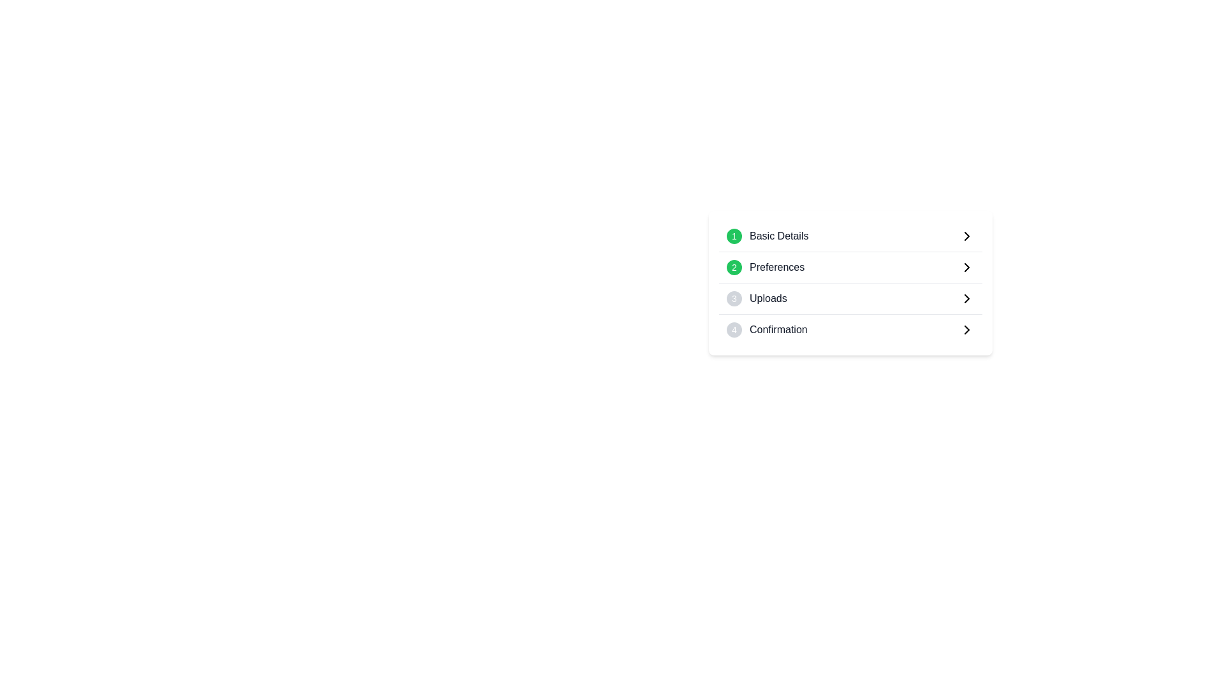 This screenshot has height=688, width=1224. What do you see at coordinates (776, 267) in the screenshot?
I see `the 'Preferences' text label, which is the second item in a vertical menu list` at bounding box center [776, 267].